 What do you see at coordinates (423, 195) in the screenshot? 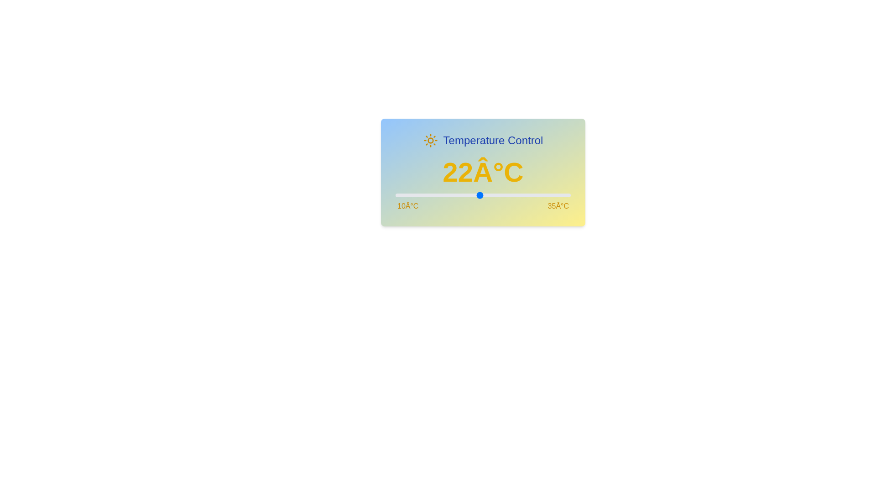
I see `the temperature slider to set the temperature to 14°C` at bounding box center [423, 195].